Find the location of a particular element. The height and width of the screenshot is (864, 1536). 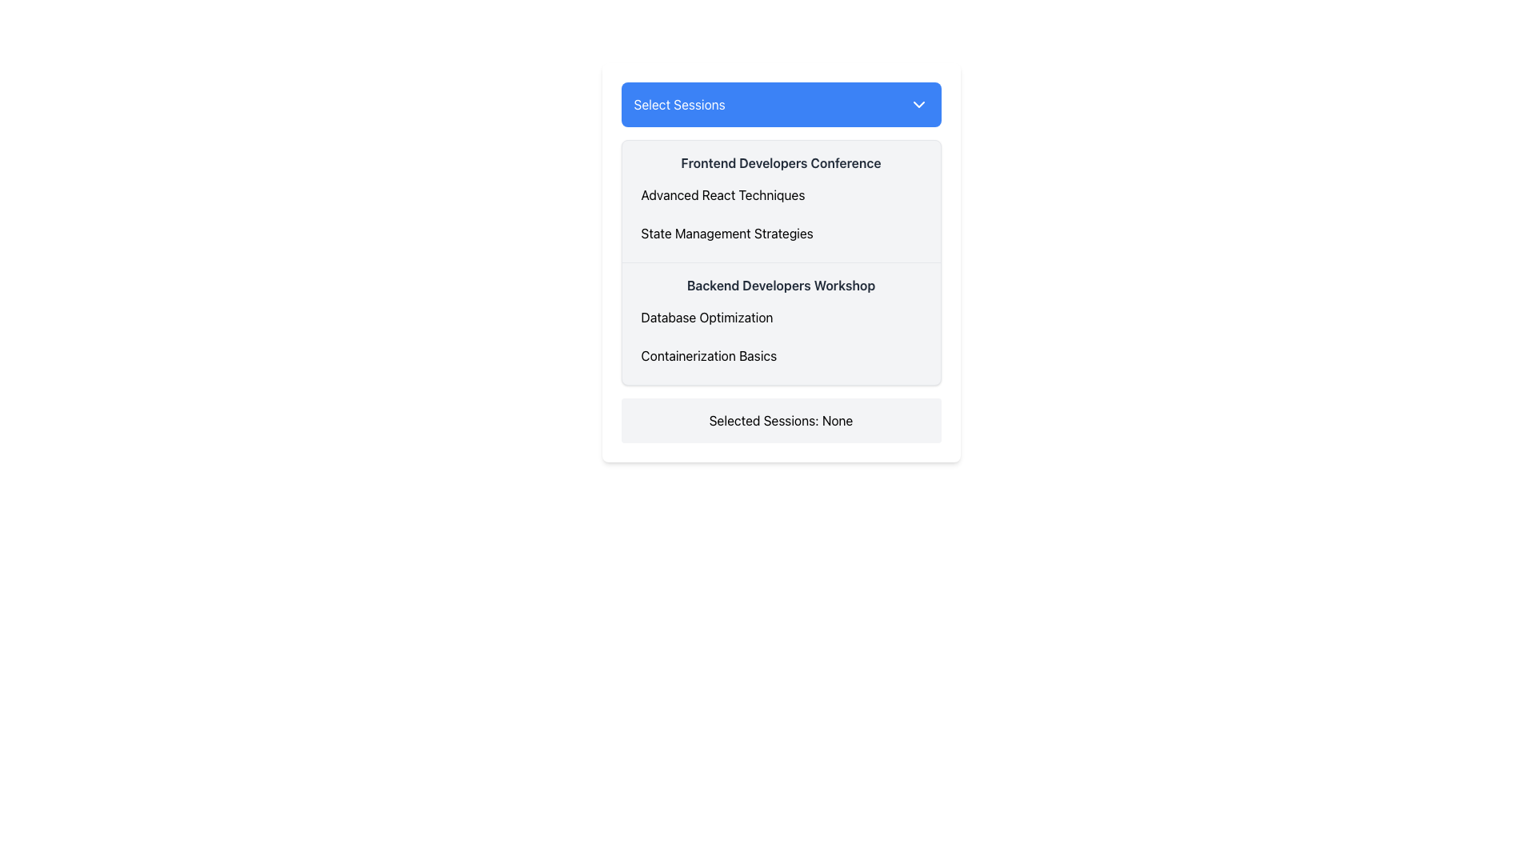

the session selection box for the frontend developers conference is located at coordinates (781, 200).